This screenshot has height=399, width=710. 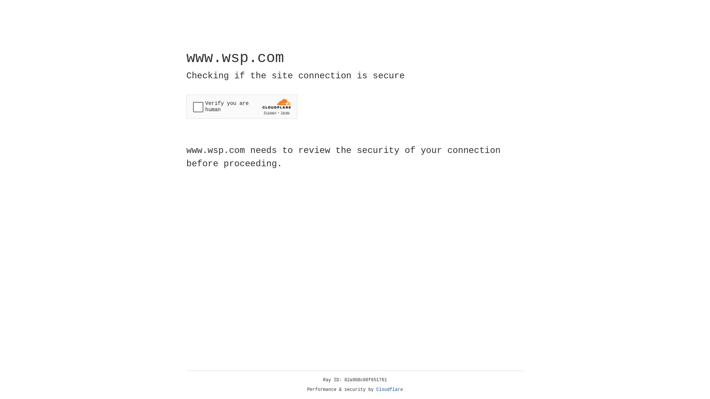 What do you see at coordinates (389, 389) in the screenshot?
I see `'Cloudflare'` at bounding box center [389, 389].